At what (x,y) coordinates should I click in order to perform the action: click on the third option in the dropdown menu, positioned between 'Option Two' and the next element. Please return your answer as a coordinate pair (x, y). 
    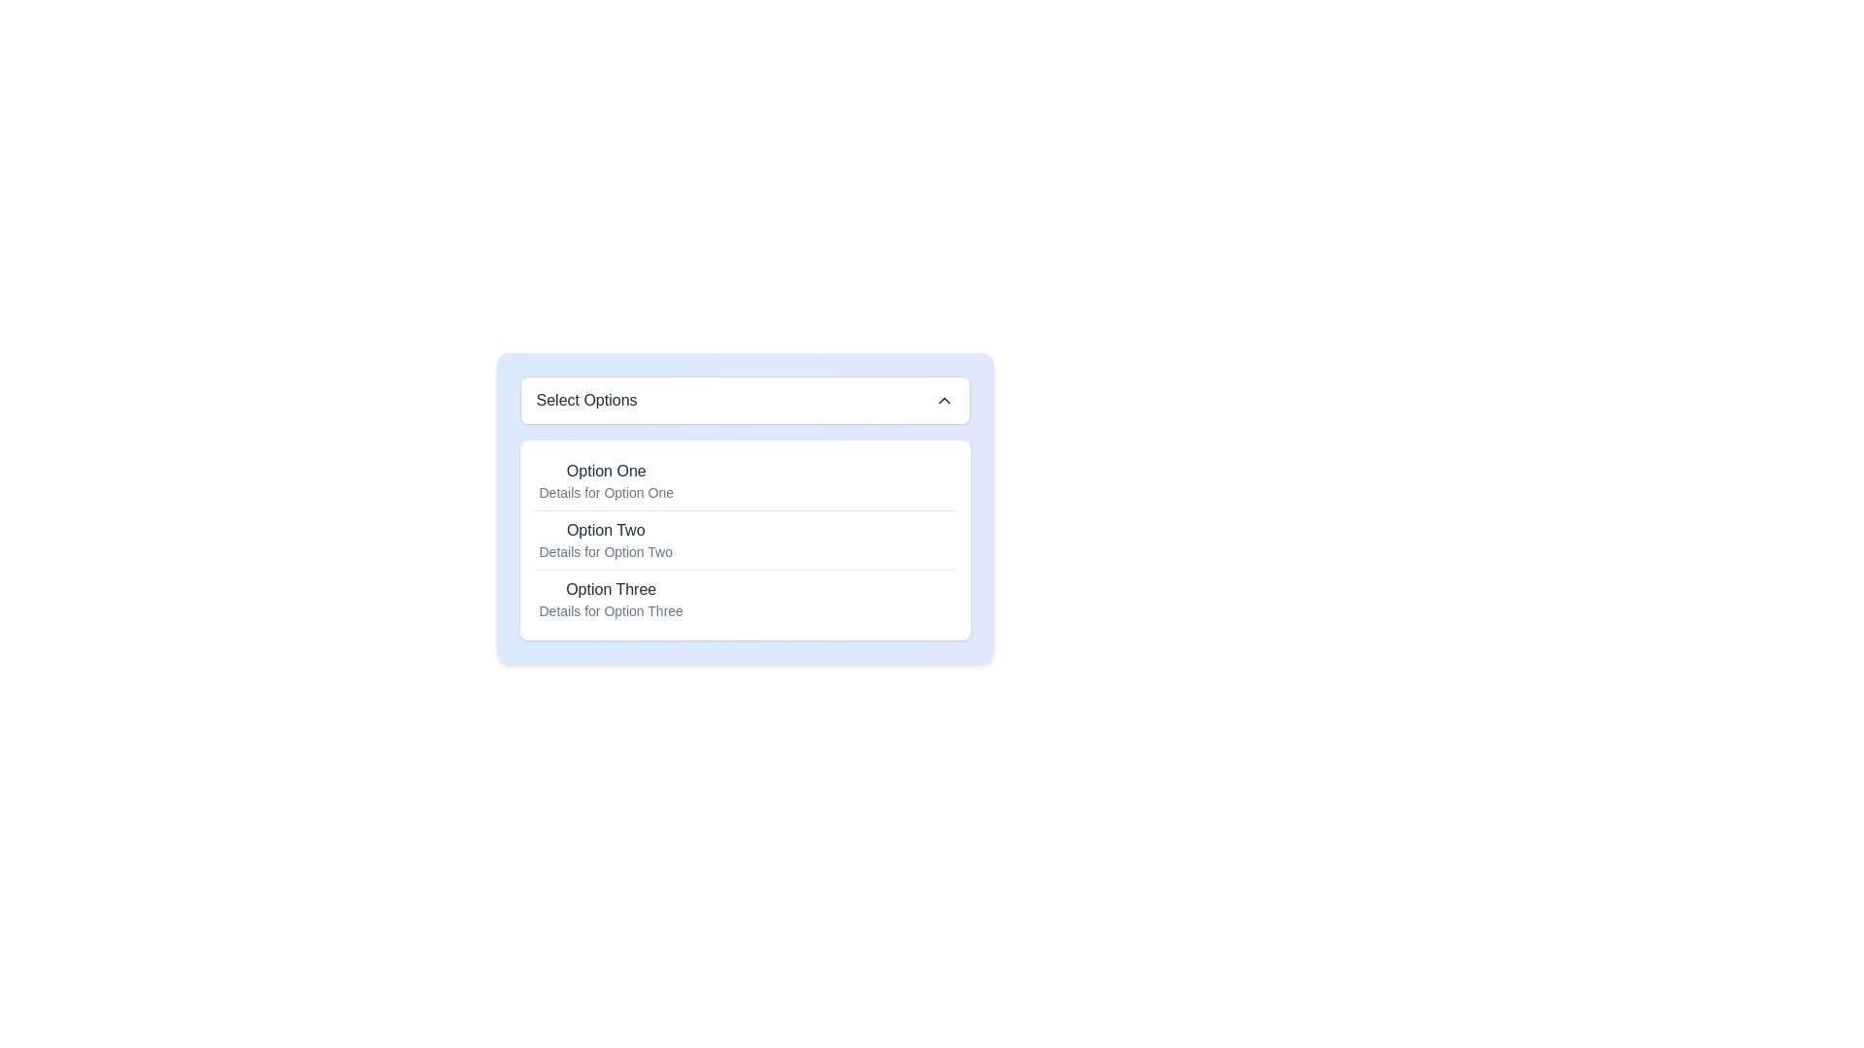
    Looking at the image, I should click on (610, 598).